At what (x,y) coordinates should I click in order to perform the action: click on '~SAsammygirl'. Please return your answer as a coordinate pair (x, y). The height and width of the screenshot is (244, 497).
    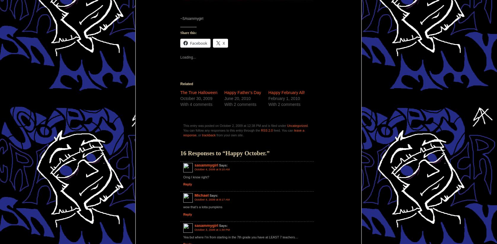
    Looking at the image, I should click on (180, 19).